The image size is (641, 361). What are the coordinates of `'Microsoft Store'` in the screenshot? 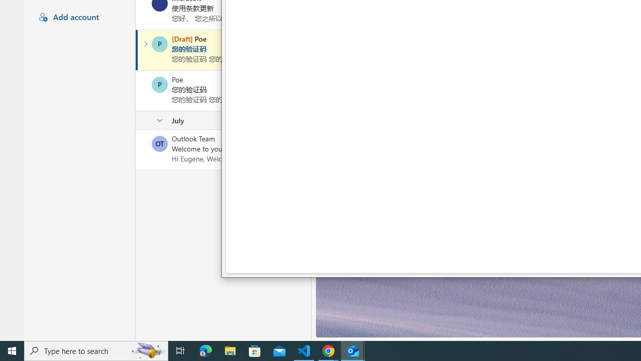 It's located at (255, 350).